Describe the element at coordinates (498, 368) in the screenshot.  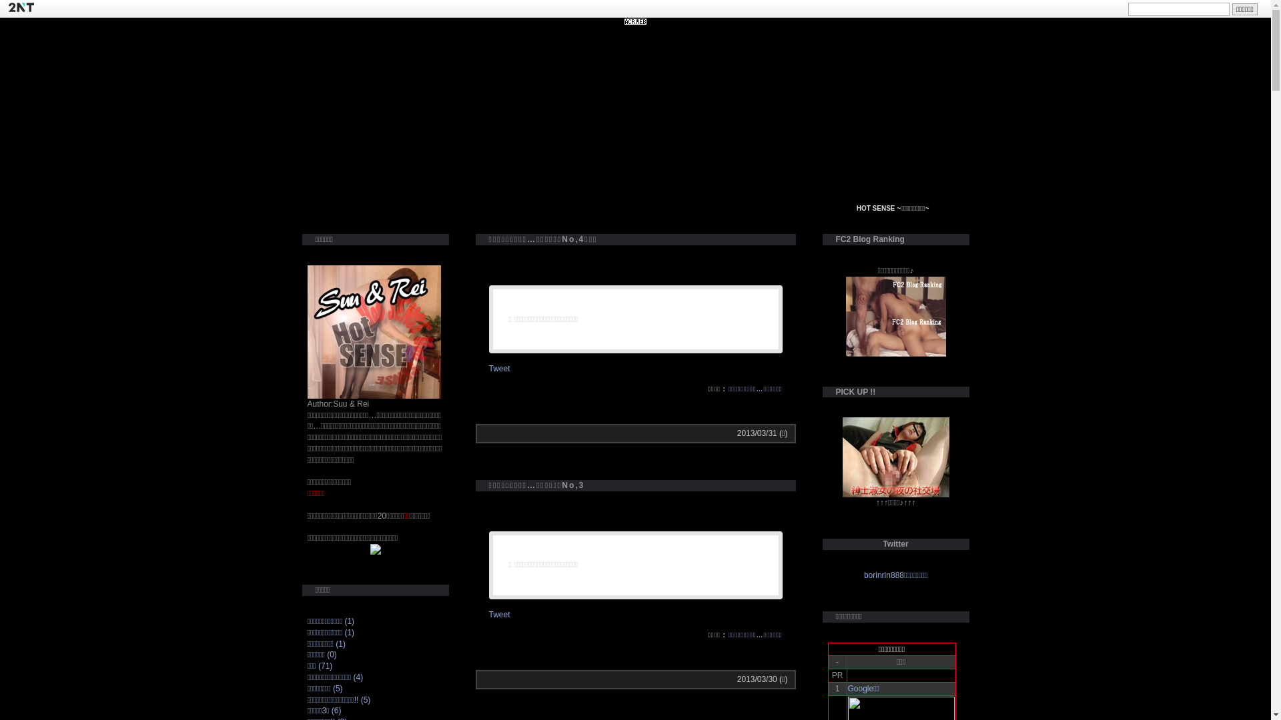
I see `'Tweet'` at that location.